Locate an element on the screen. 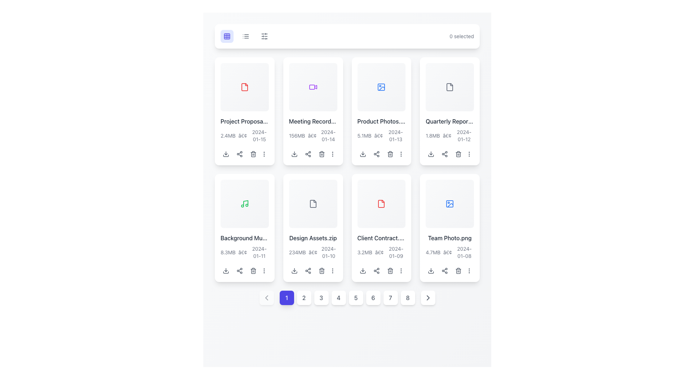  the delete button icon located in the bottom-right corner of the 'Client Contract' file card is located at coordinates (390, 270).